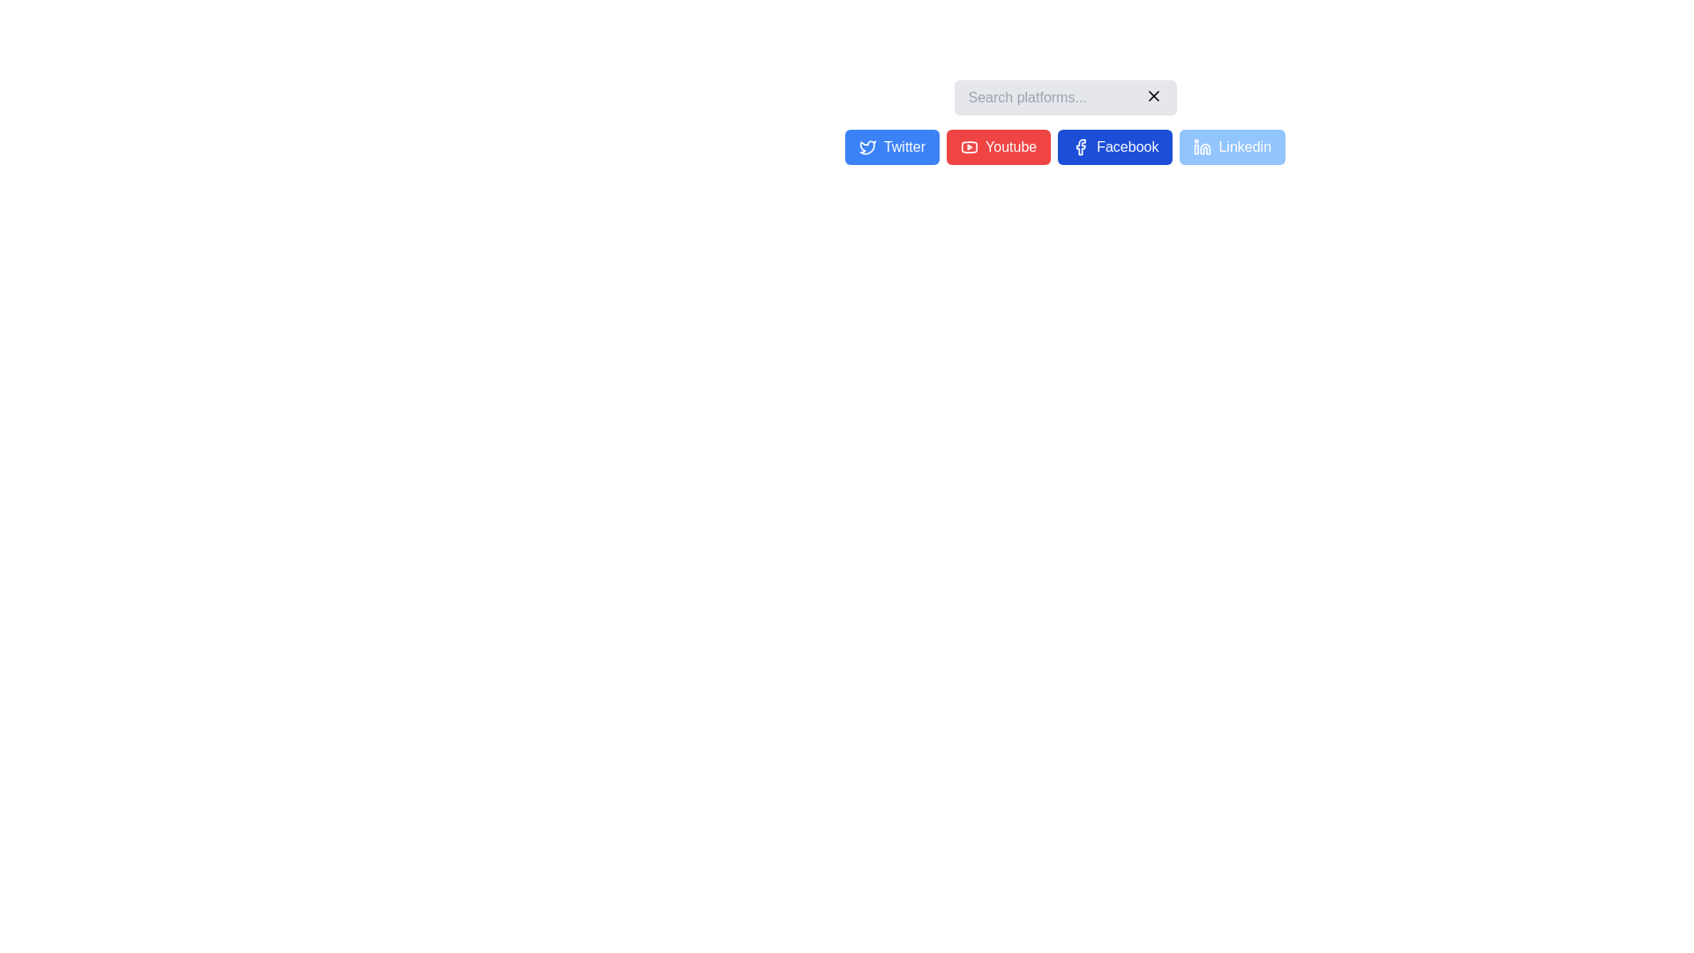 Image resolution: width=1694 pixels, height=953 pixels. What do you see at coordinates (1064, 98) in the screenshot?
I see `the search bar input field that has a light gray background and rounded corners to focus on it` at bounding box center [1064, 98].